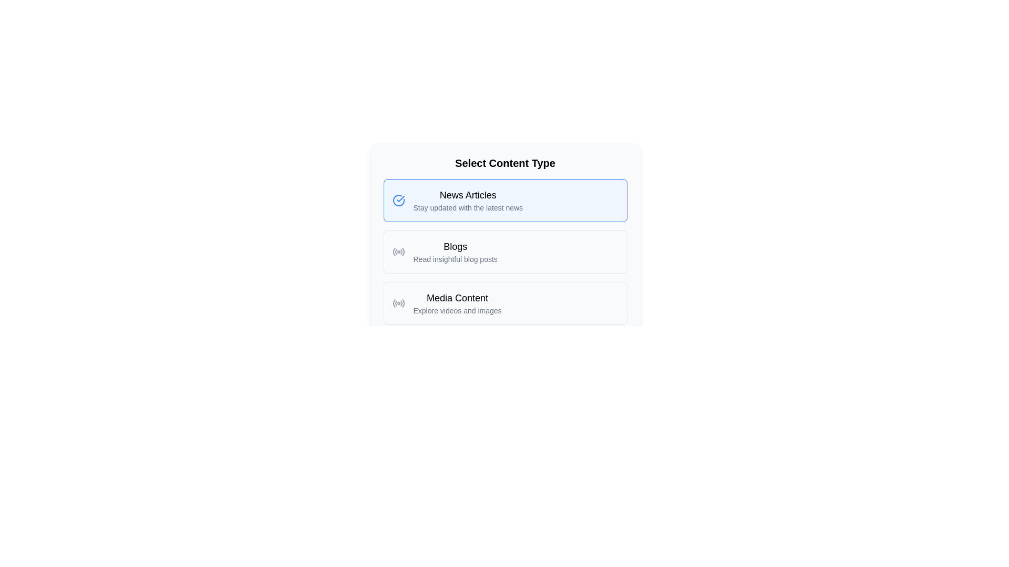 The height and width of the screenshot is (567, 1009). I want to click on the Icon (Circle with Checkmark) which indicates selection or confirmation for the 'News Articles' option in the list, so click(398, 200).